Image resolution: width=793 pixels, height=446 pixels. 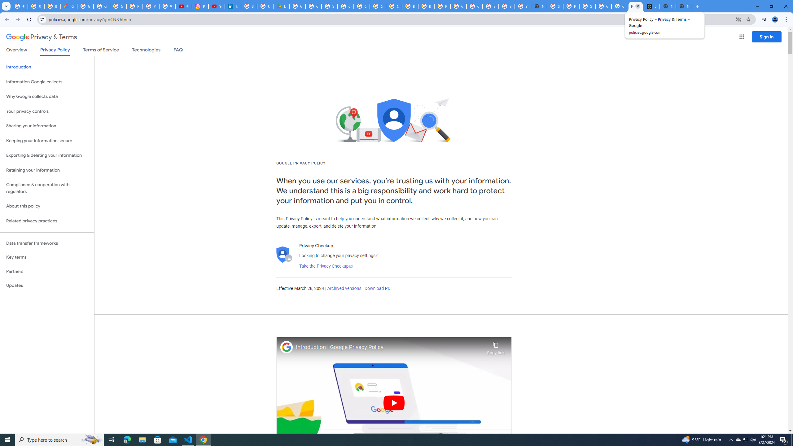 I want to click on 'Take the Privacy Checkup', so click(x=326, y=266).